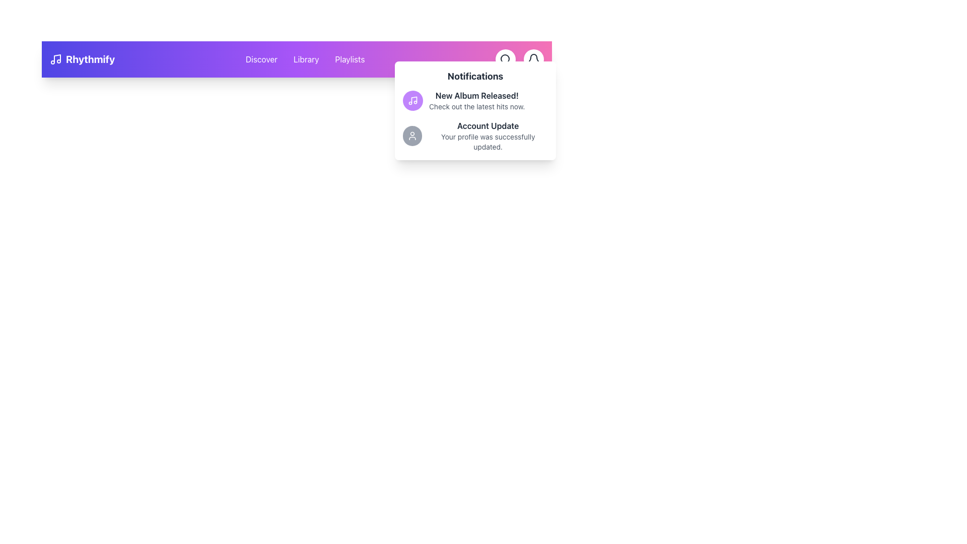 This screenshot has width=967, height=544. Describe the element at coordinates (261, 59) in the screenshot. I see `the 'Discover' text link, which is the first element in the navigation menu located to the right of the 'Rhythmify' logo` at that location.